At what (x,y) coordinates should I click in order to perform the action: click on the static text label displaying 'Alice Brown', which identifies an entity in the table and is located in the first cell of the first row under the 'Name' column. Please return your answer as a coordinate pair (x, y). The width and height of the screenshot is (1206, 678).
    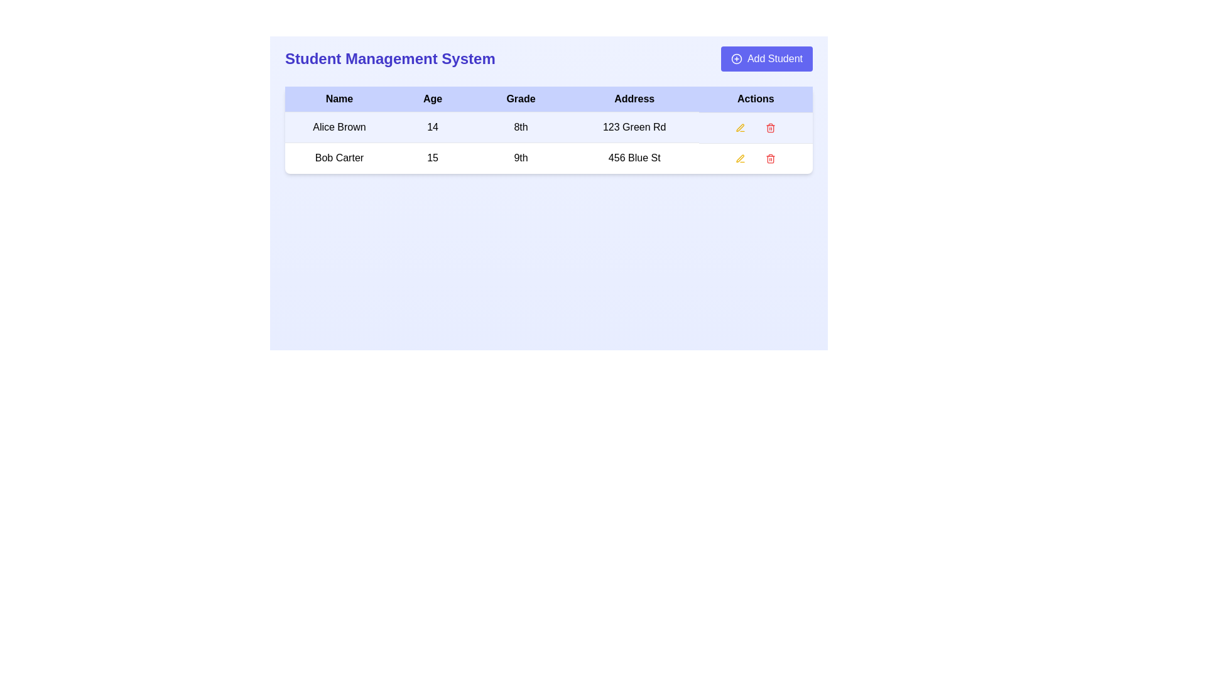
    Looking at the image, I should click on (339, 127).